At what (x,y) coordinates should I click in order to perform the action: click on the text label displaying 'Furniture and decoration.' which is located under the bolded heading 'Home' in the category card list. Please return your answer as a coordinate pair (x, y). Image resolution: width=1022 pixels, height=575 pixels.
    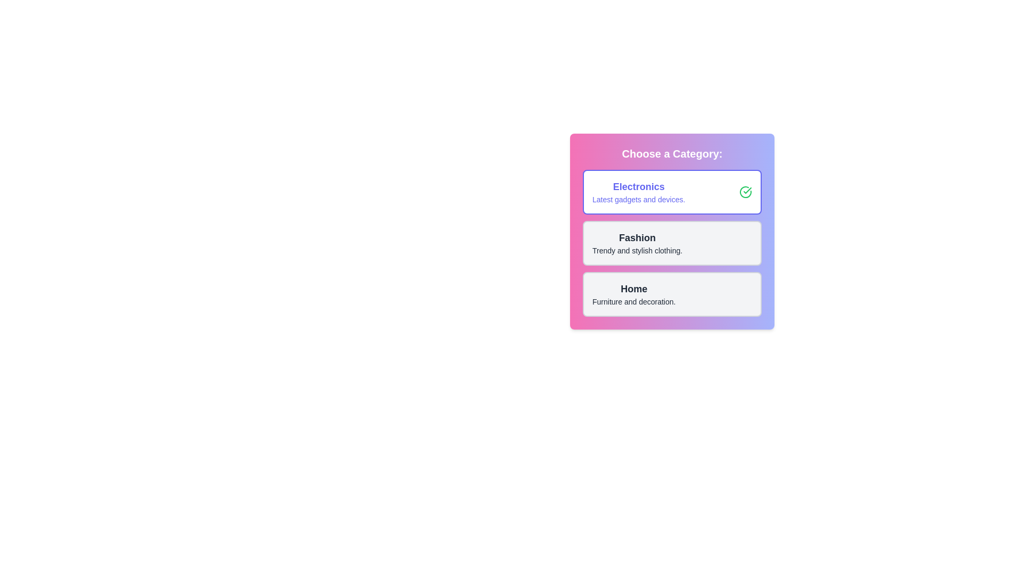
    Looking at the image, I should click on (634, 302).